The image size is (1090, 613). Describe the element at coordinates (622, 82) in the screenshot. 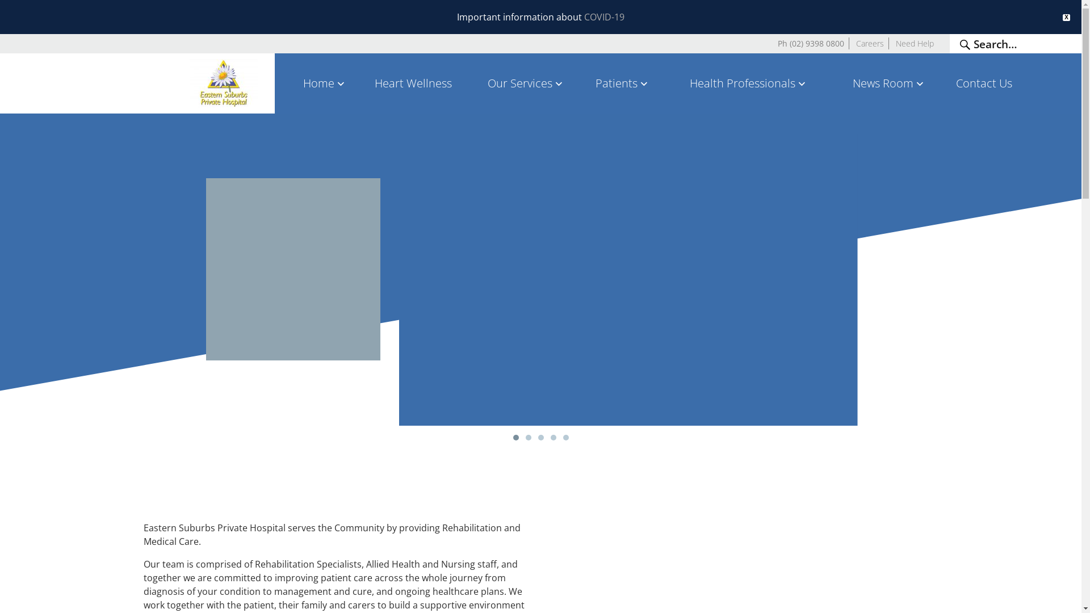

I see `'Patients'` at that location.